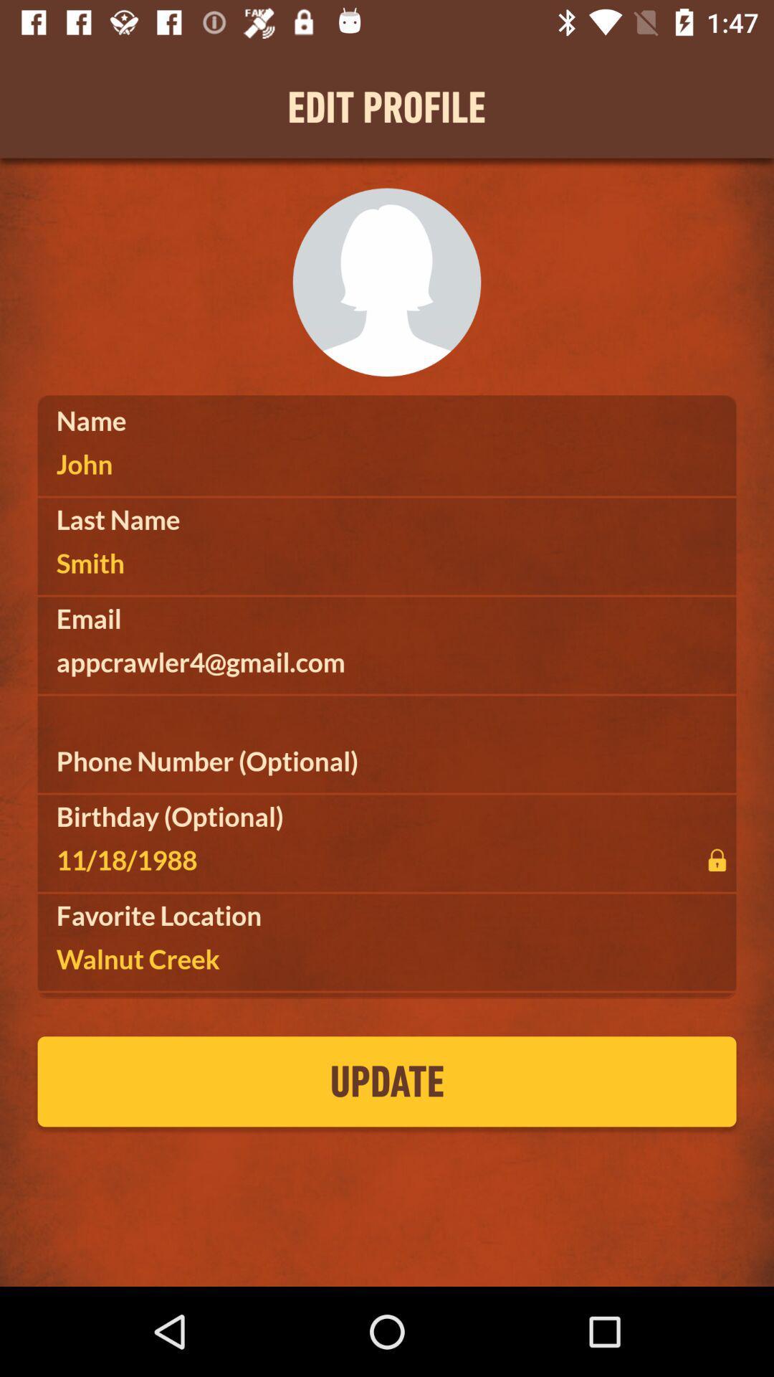 This screenshot has height=1377, width=774. What do you see at coordinates (387, 760) in the screenshot?
I see `phone number` at bounding box center [387, 760].